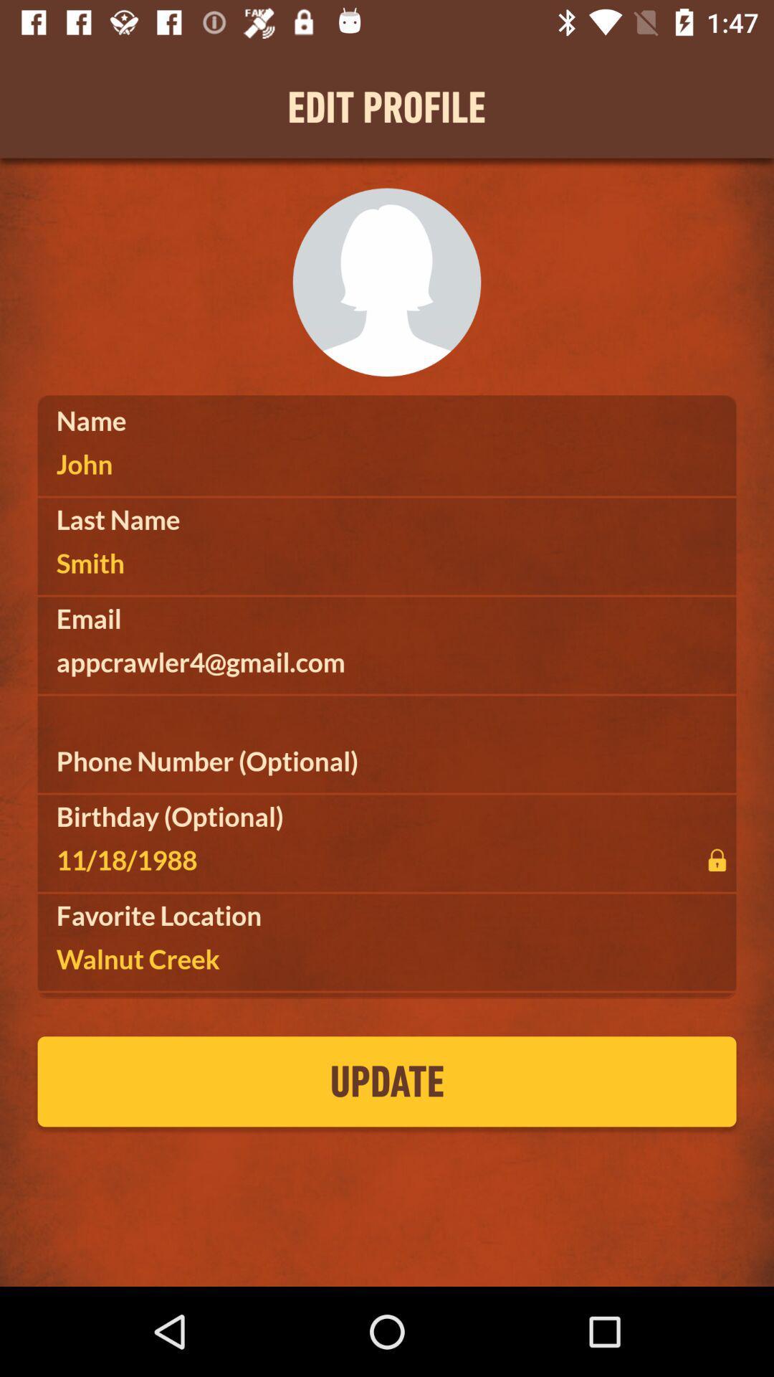 This screenshot has height=1377, width=774. What do you see at coordinates (387, 760) in the screenshot?
I see `phone number` at bounding box center [387, 760].